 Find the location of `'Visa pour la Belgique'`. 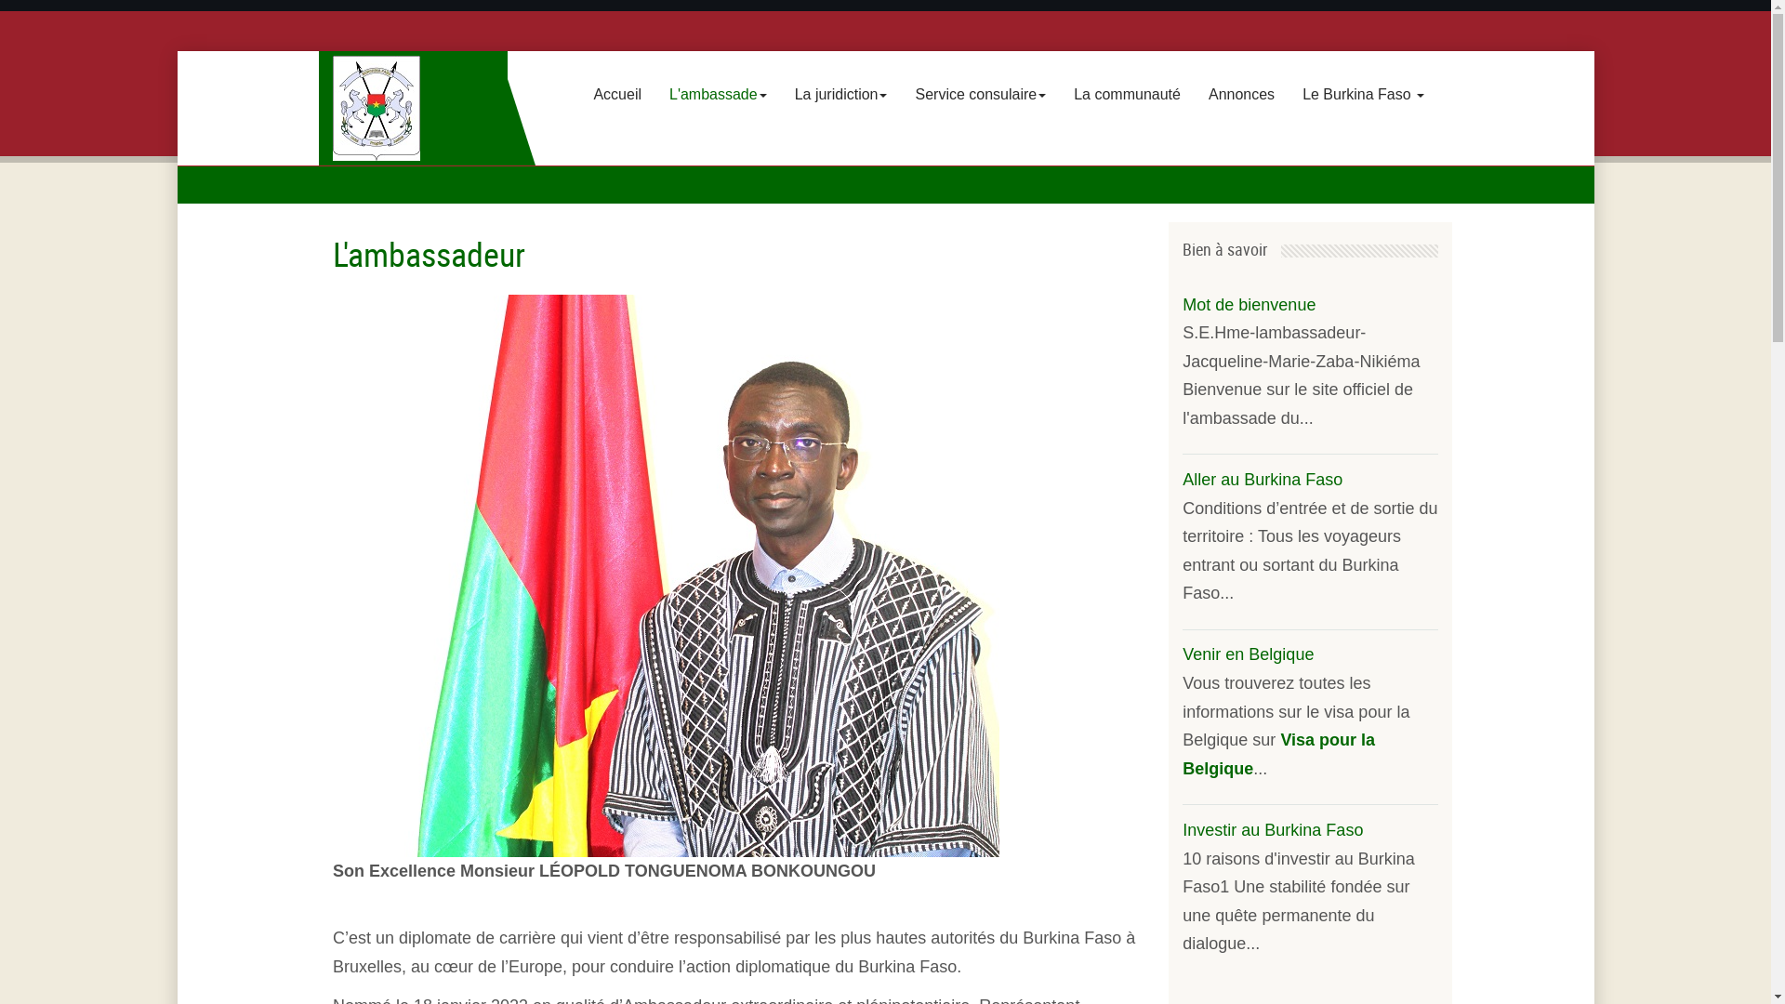

'Visa pour la Belgique' is located at coordinates (1182, 754).